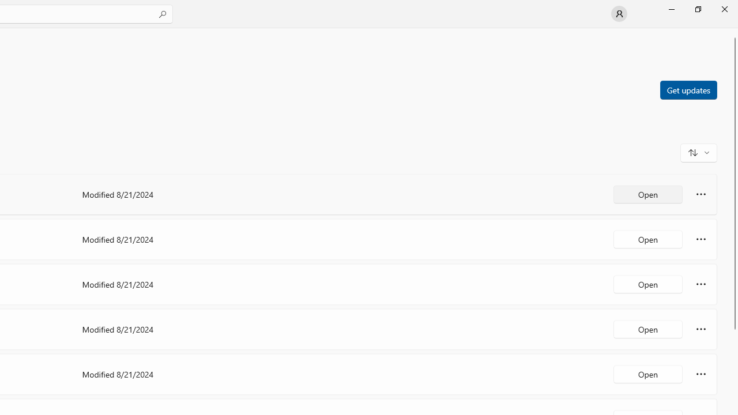 Image resolution: width=738 pixels, height=415 pixels. I want to click on 'User profile', so click(618, 14).